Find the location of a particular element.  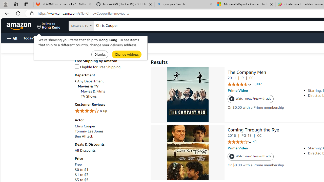

'Deliver to Hong Kong' is located at coordinates (49, 26).